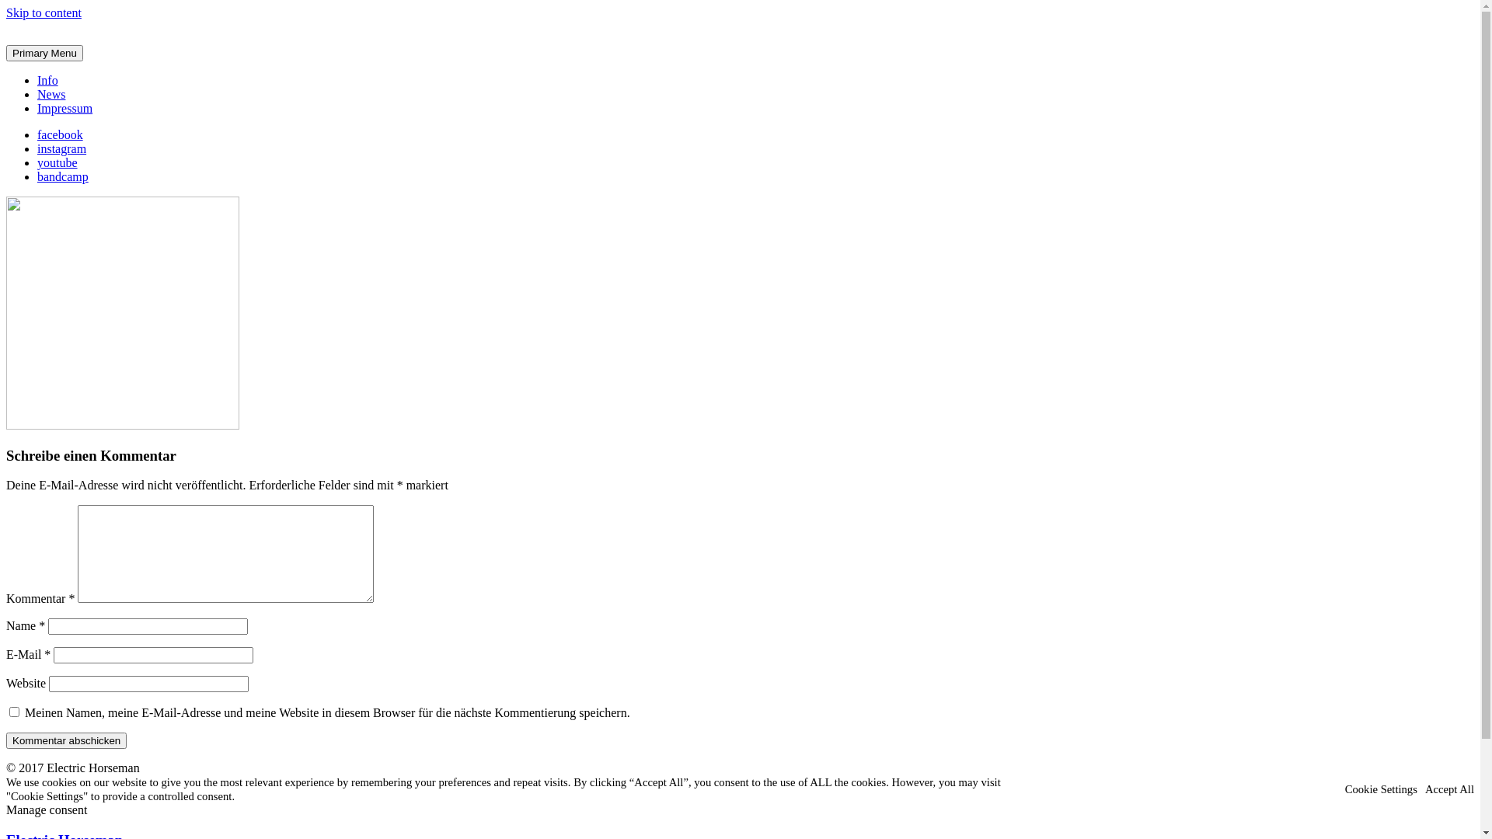 The height and width of the screenshot is (839, 1492). I want to click on 'Skip to content', so click(44, 12).